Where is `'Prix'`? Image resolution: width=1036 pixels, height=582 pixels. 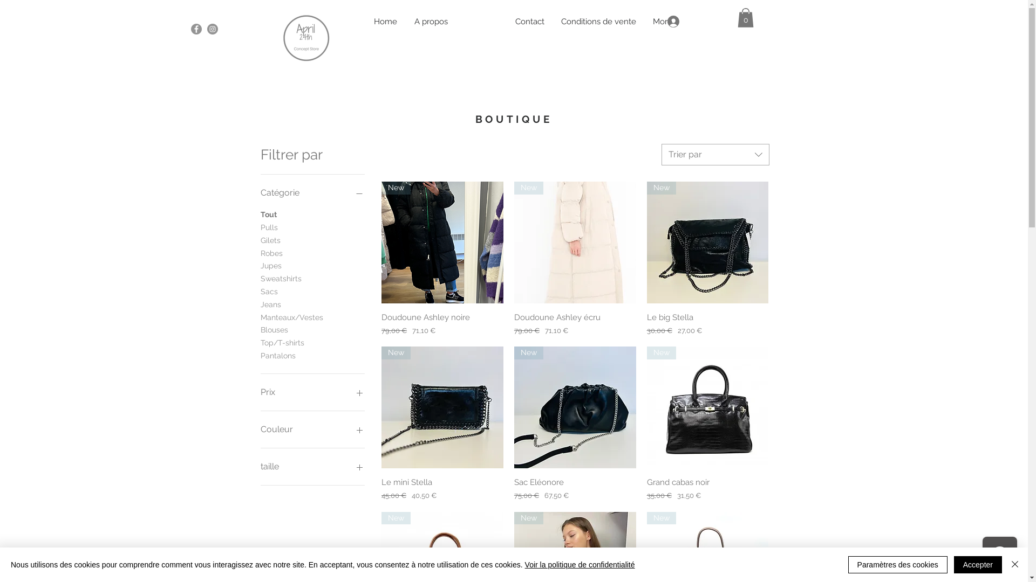
'Prix' is located at coordinates (312, 392).